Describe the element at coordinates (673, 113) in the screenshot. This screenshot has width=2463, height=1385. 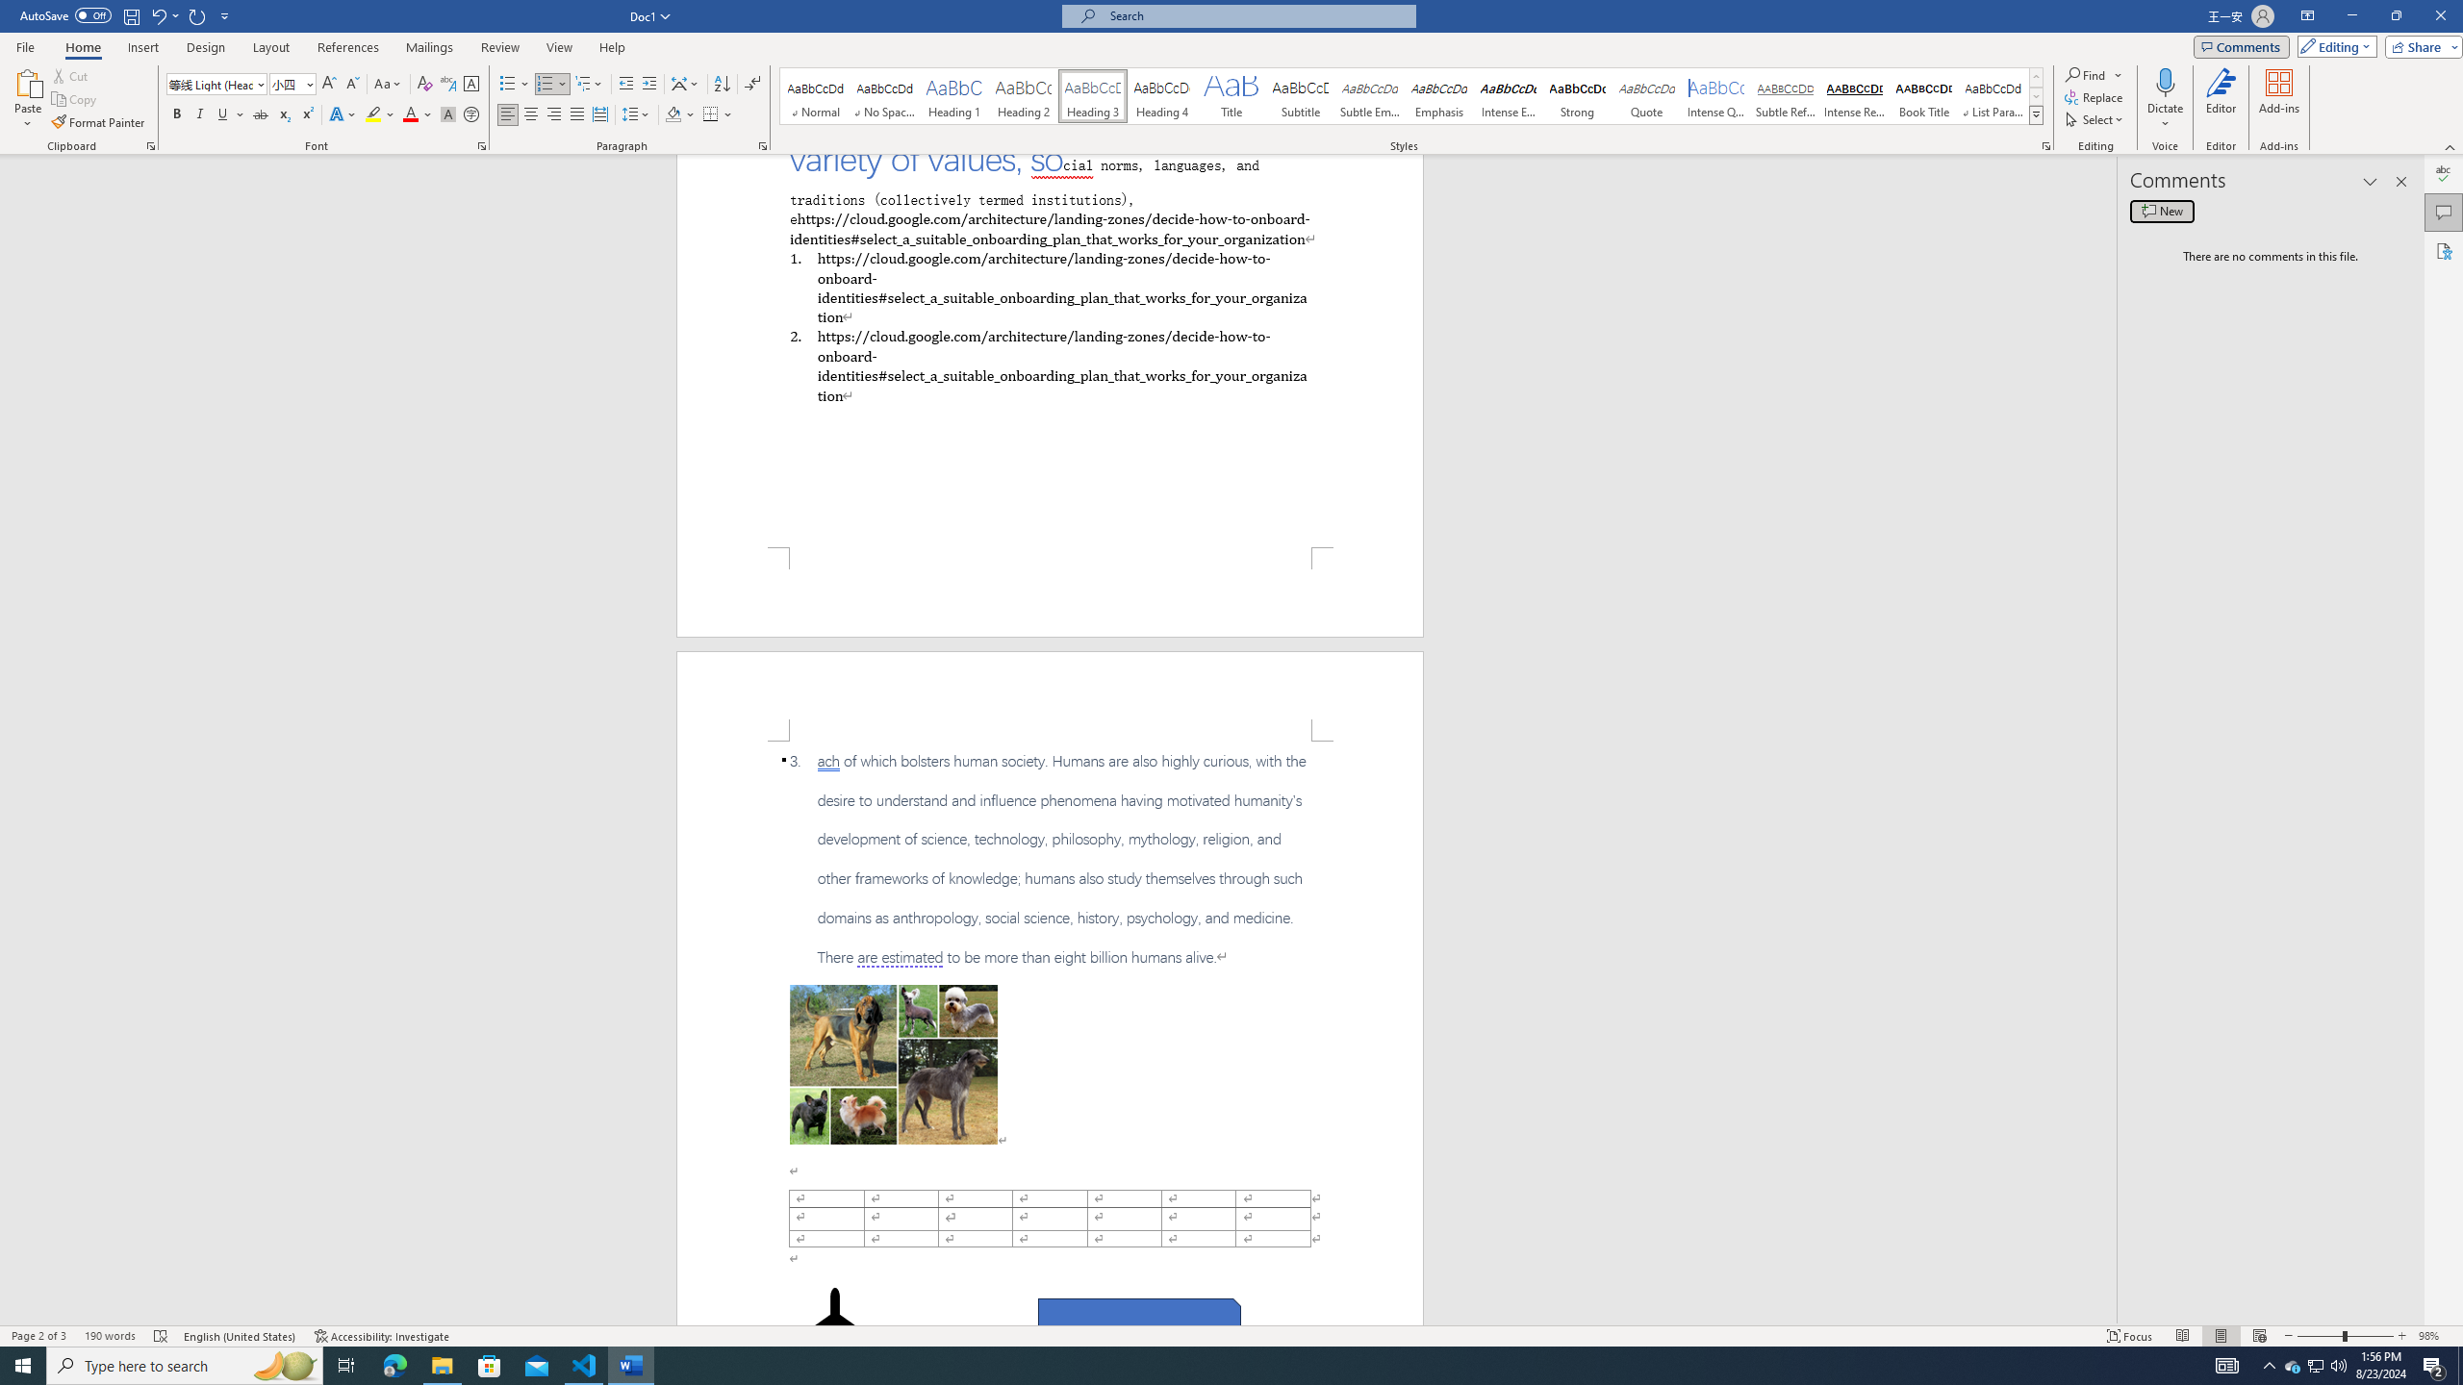
I see `'Shading RGB(0, 0, 0)'` at that location.